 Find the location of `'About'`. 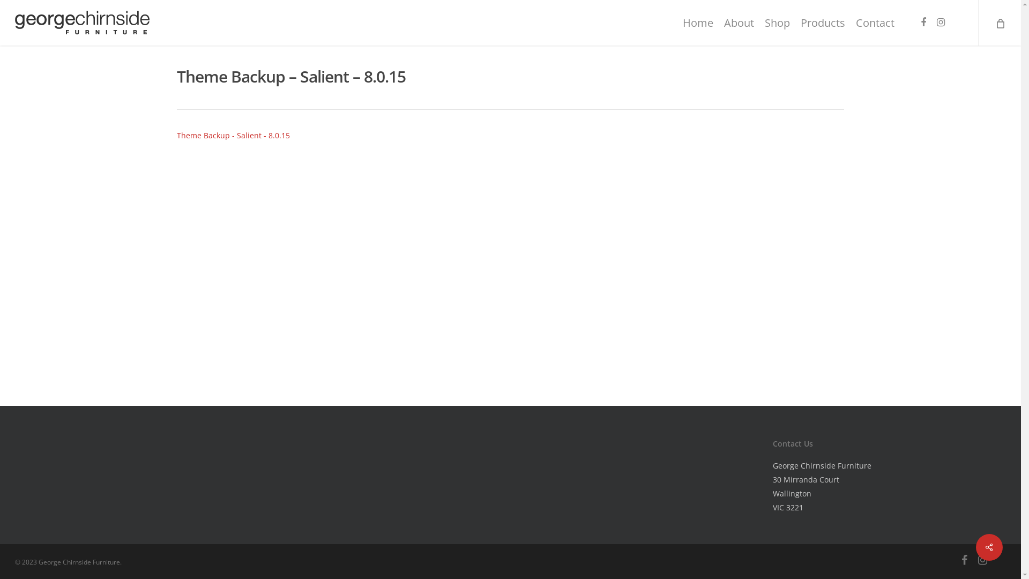

'About' is located at coordinates (738, 23).